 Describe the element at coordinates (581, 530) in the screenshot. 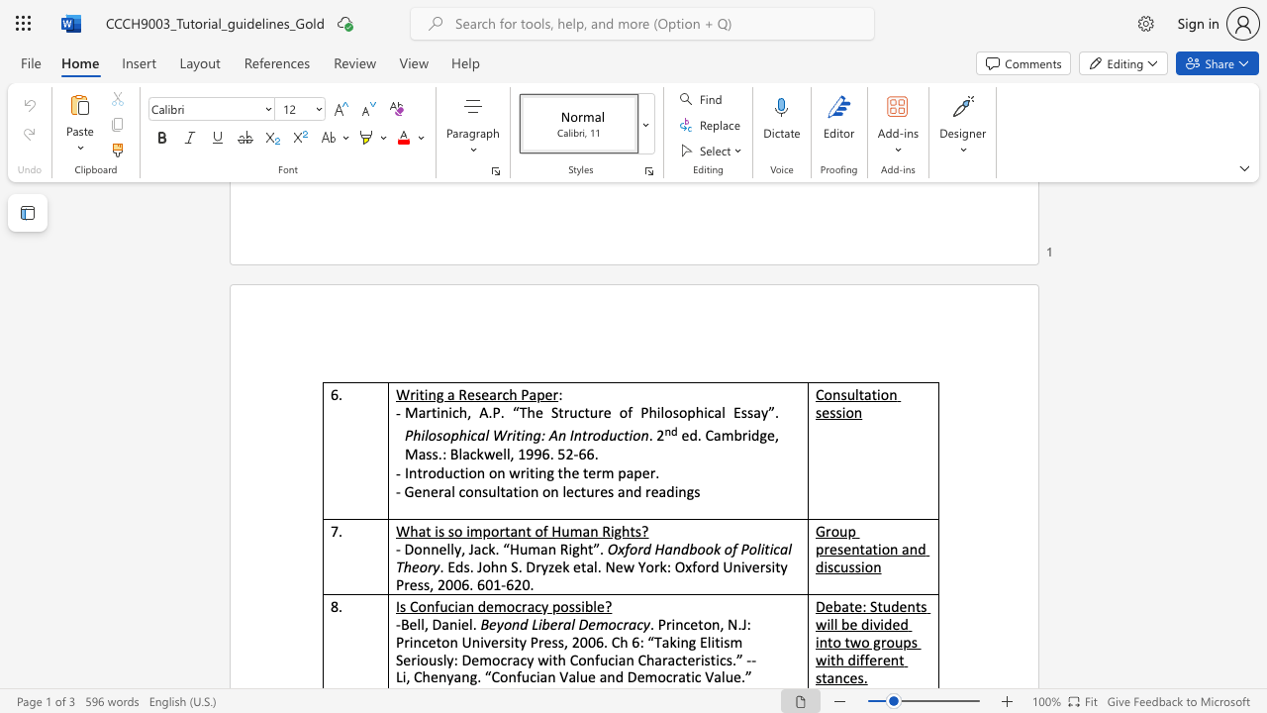

I see `the subset text "an Righ" within the text "What is so important of Human Rights?"` at that location.